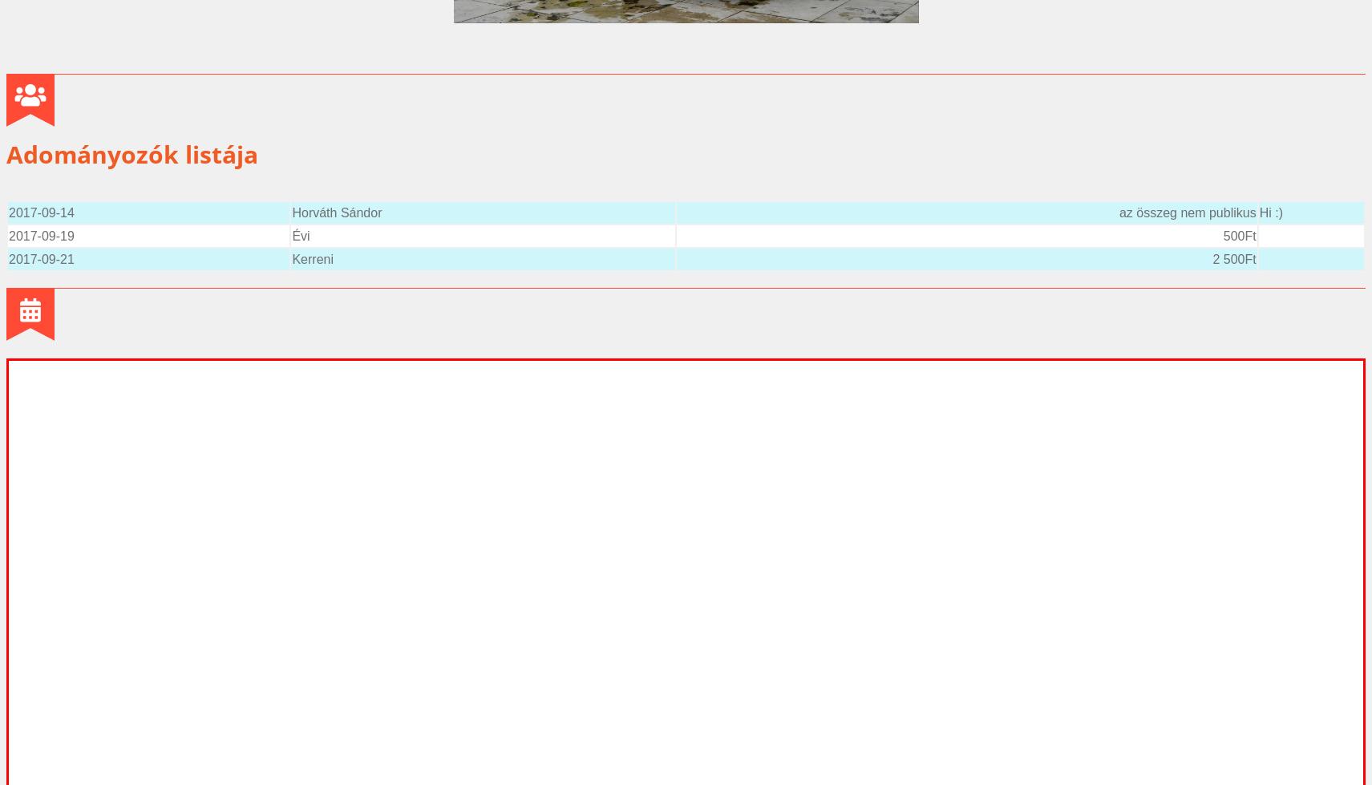 The image size is (1372, 785). Describe the element at coordinates (7, 212) in the screenshot. I see `'2017-09-14'` at that location.